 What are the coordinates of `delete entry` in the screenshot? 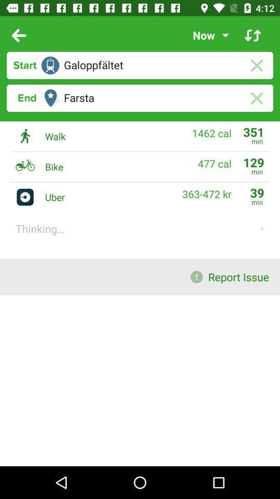 It's located at (256, 98).